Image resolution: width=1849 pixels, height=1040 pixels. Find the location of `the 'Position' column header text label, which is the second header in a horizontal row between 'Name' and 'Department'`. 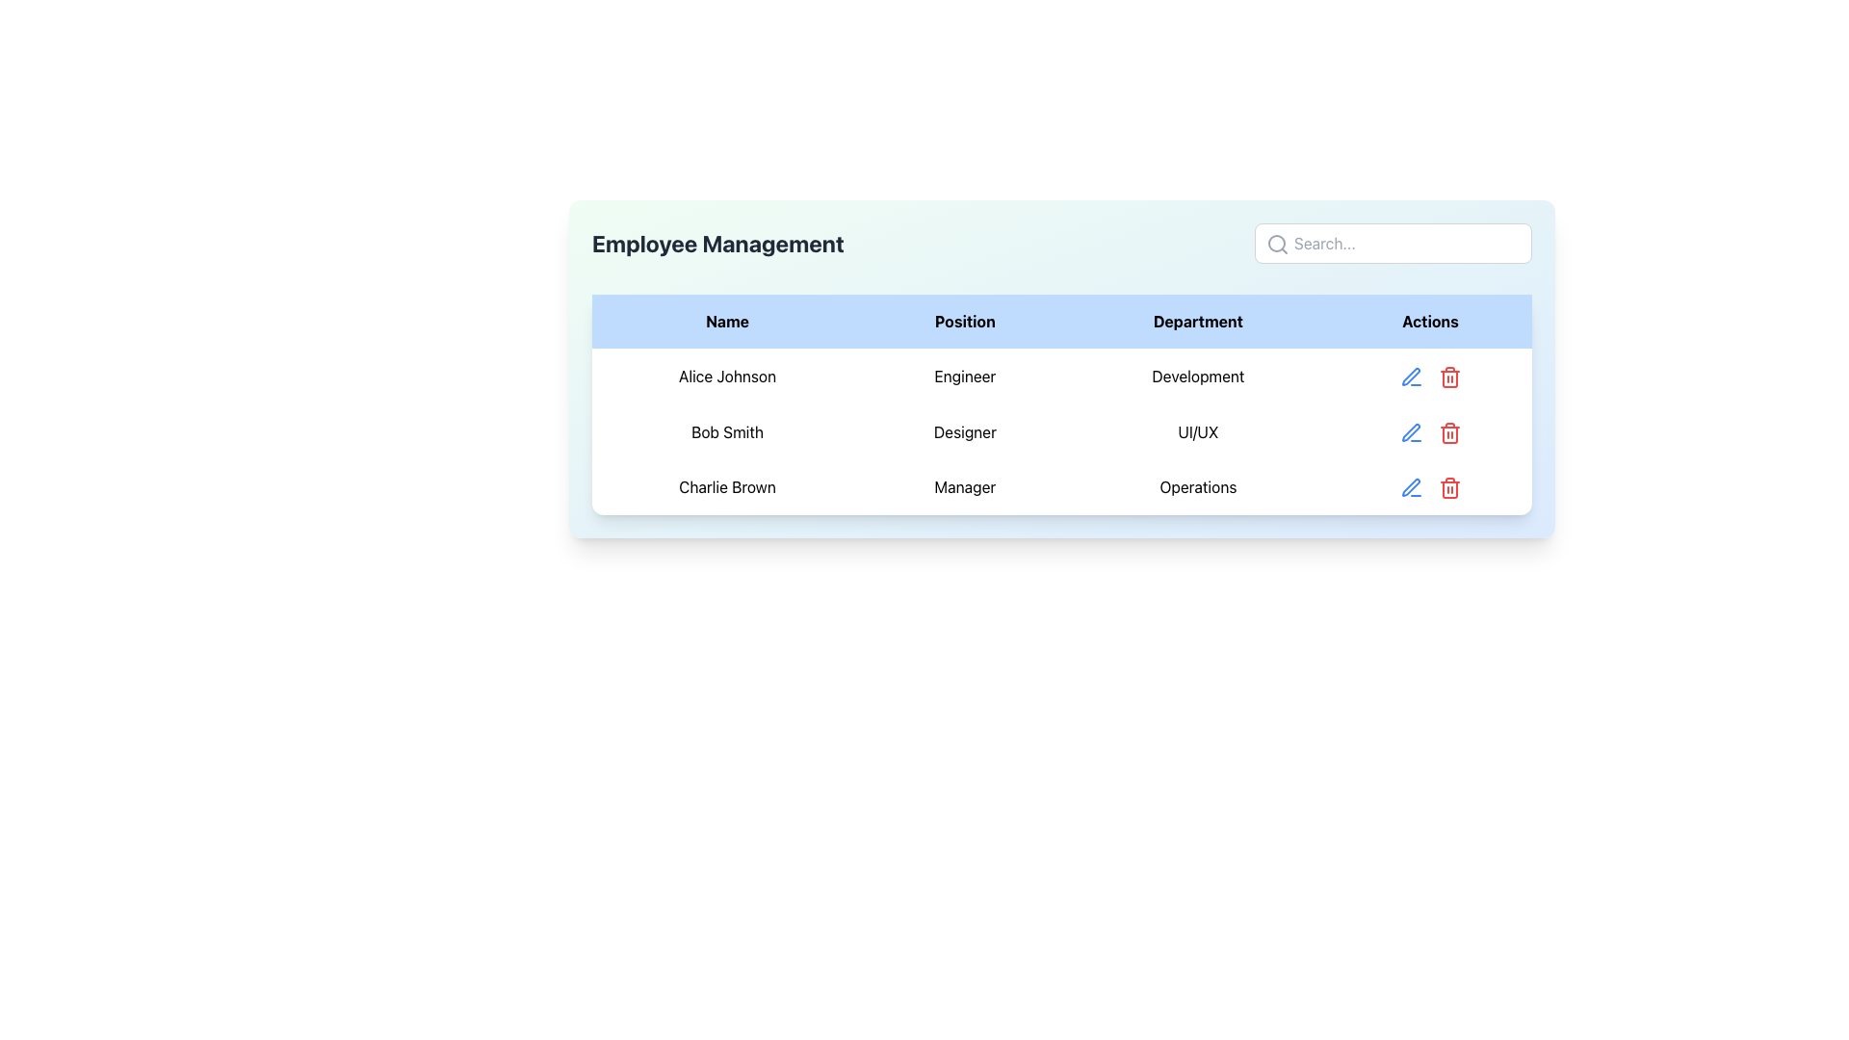

the 'Position' column header text label, which is the second header in a horizontal row between 'Name' and 'Department' is located at coordinates (965, 321).